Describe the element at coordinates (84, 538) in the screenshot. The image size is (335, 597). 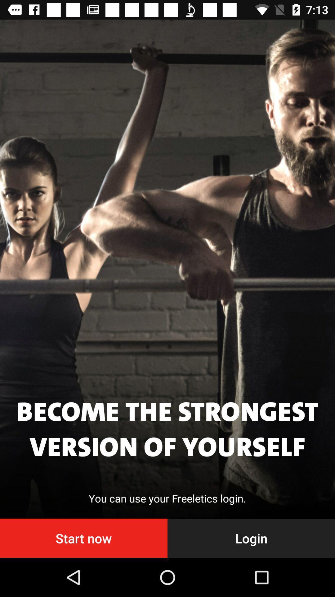
I see `the start now at the bottom left corner` at that location.